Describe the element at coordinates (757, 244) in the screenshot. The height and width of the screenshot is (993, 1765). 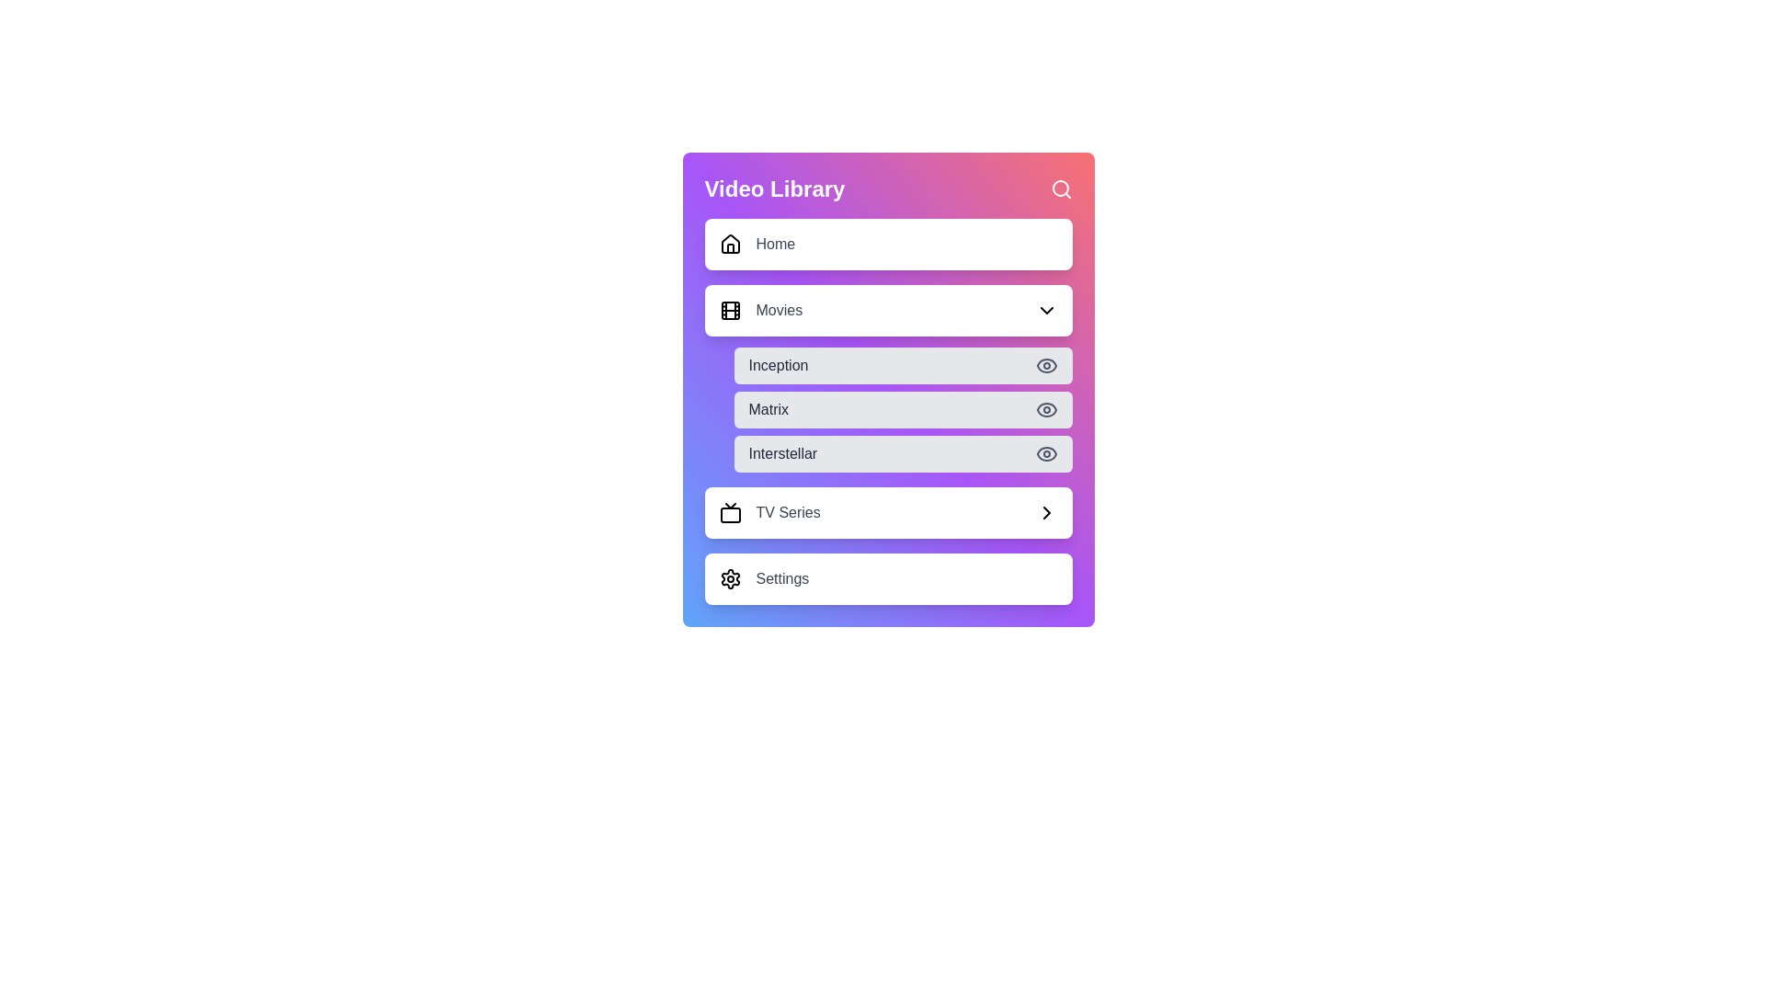
I see `the navigation item that takes the user back to the main section of the interface, located at the top of a visually separated card with a gradient background` at that location.